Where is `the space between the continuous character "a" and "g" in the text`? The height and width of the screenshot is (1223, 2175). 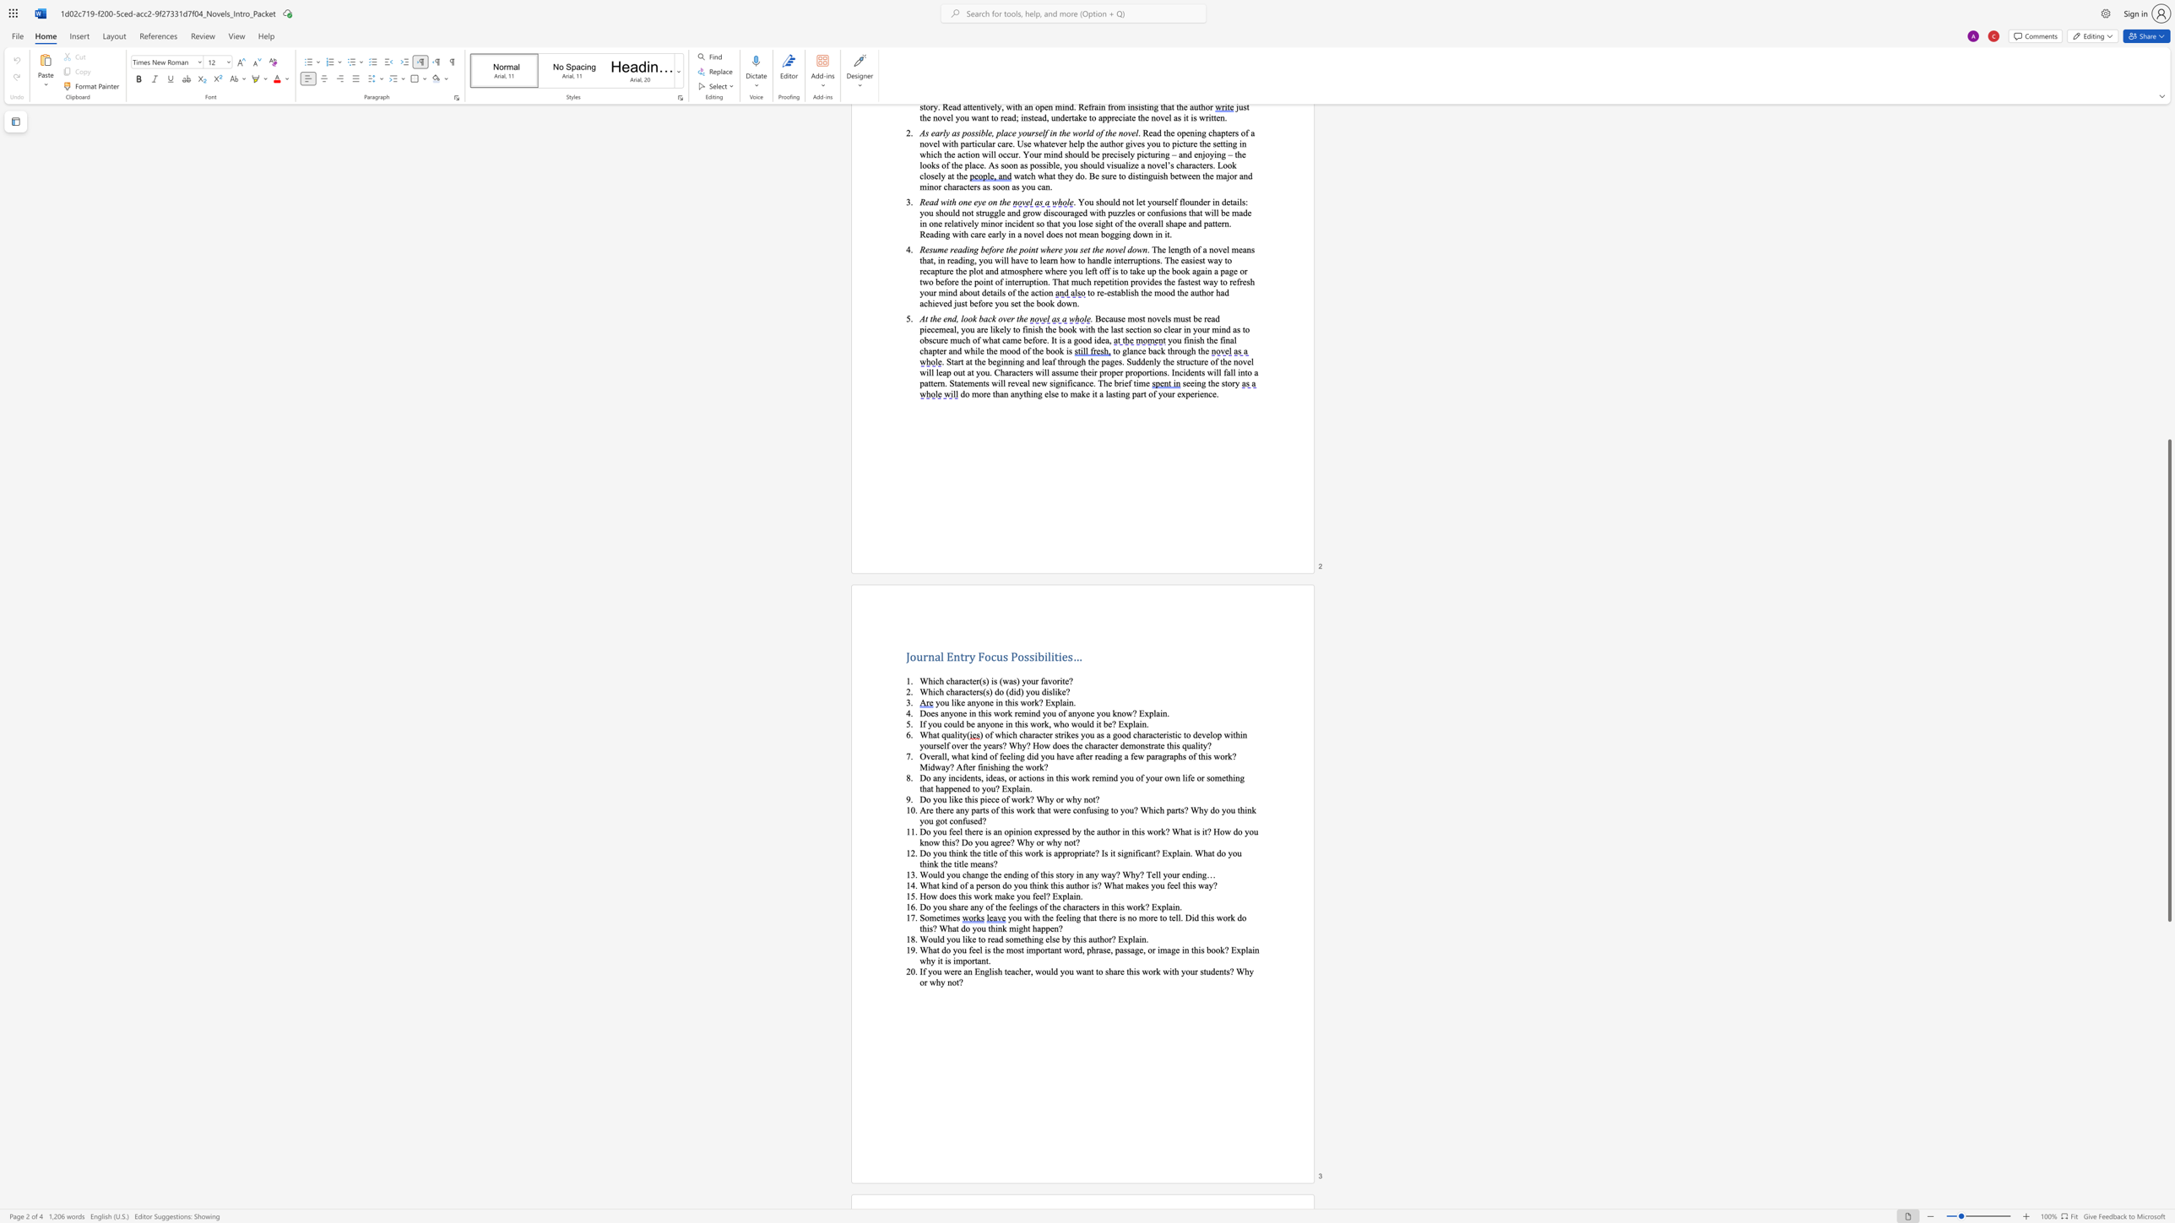
the space between the continuous character "a" and "g" in the text is located at coordinates (1162, 755).